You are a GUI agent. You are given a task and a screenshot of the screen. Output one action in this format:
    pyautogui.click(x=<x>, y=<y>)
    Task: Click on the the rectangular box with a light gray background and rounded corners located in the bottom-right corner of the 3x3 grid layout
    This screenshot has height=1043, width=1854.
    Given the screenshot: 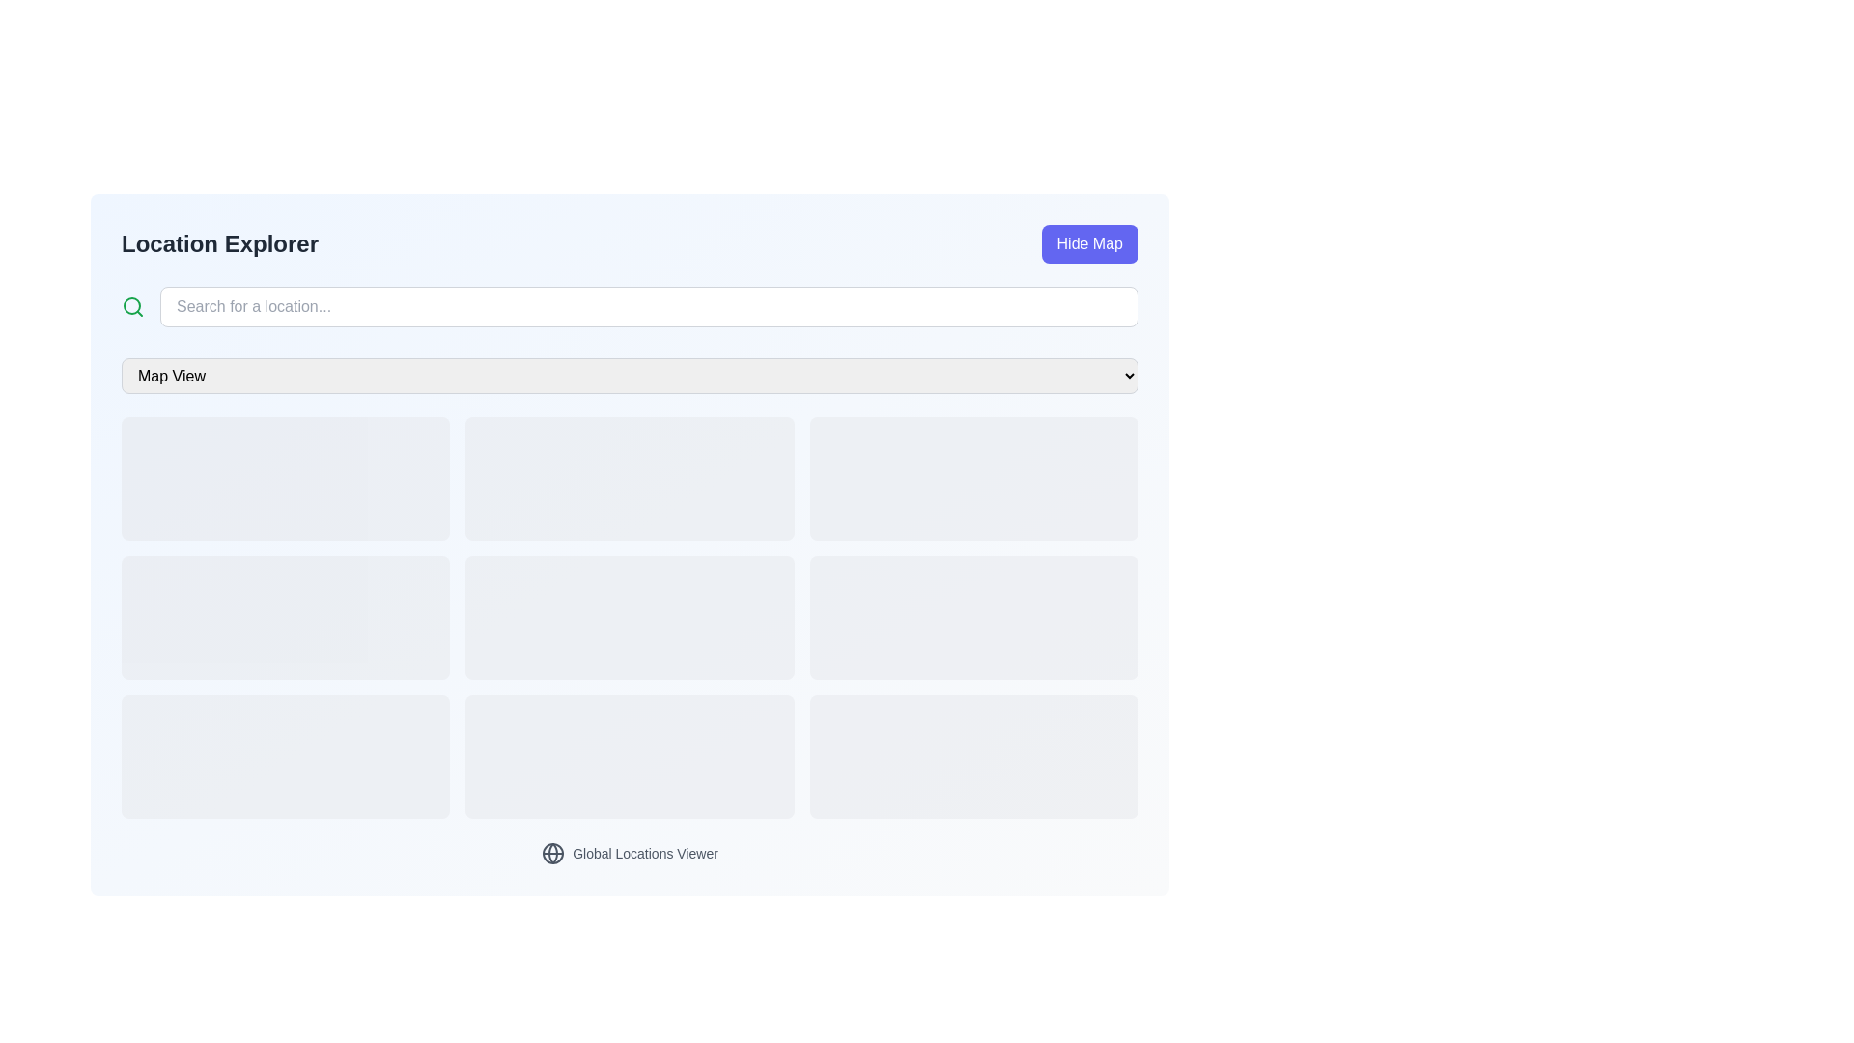 What is the action you would take?
    pyautogui.click(x=973, y=755)
    